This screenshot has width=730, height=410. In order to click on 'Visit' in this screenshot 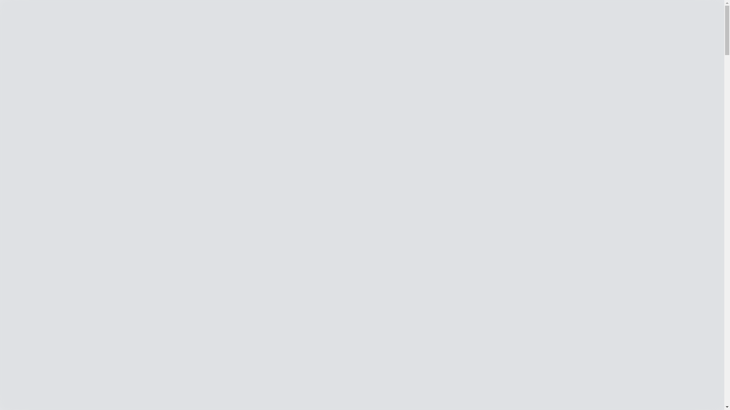, I will do `click(38, 173)`.